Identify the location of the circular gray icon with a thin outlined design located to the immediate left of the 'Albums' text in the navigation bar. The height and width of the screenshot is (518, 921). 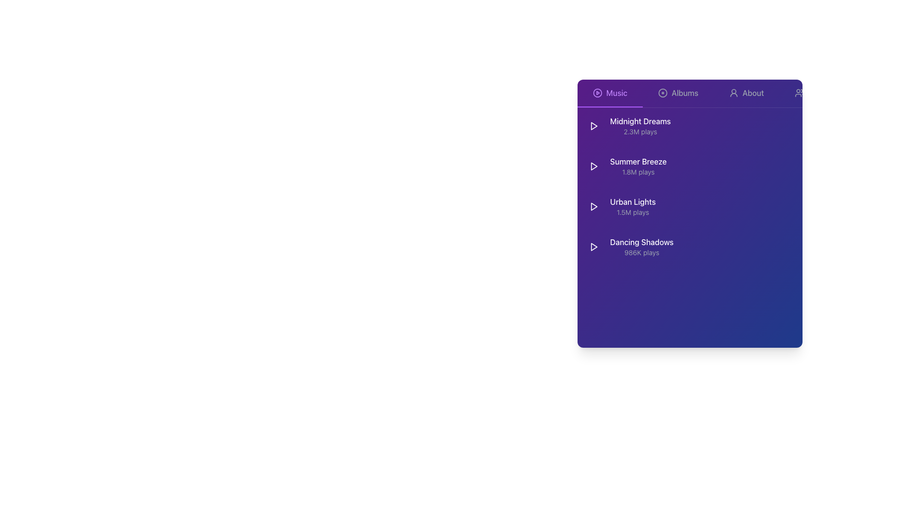
(662, 93).